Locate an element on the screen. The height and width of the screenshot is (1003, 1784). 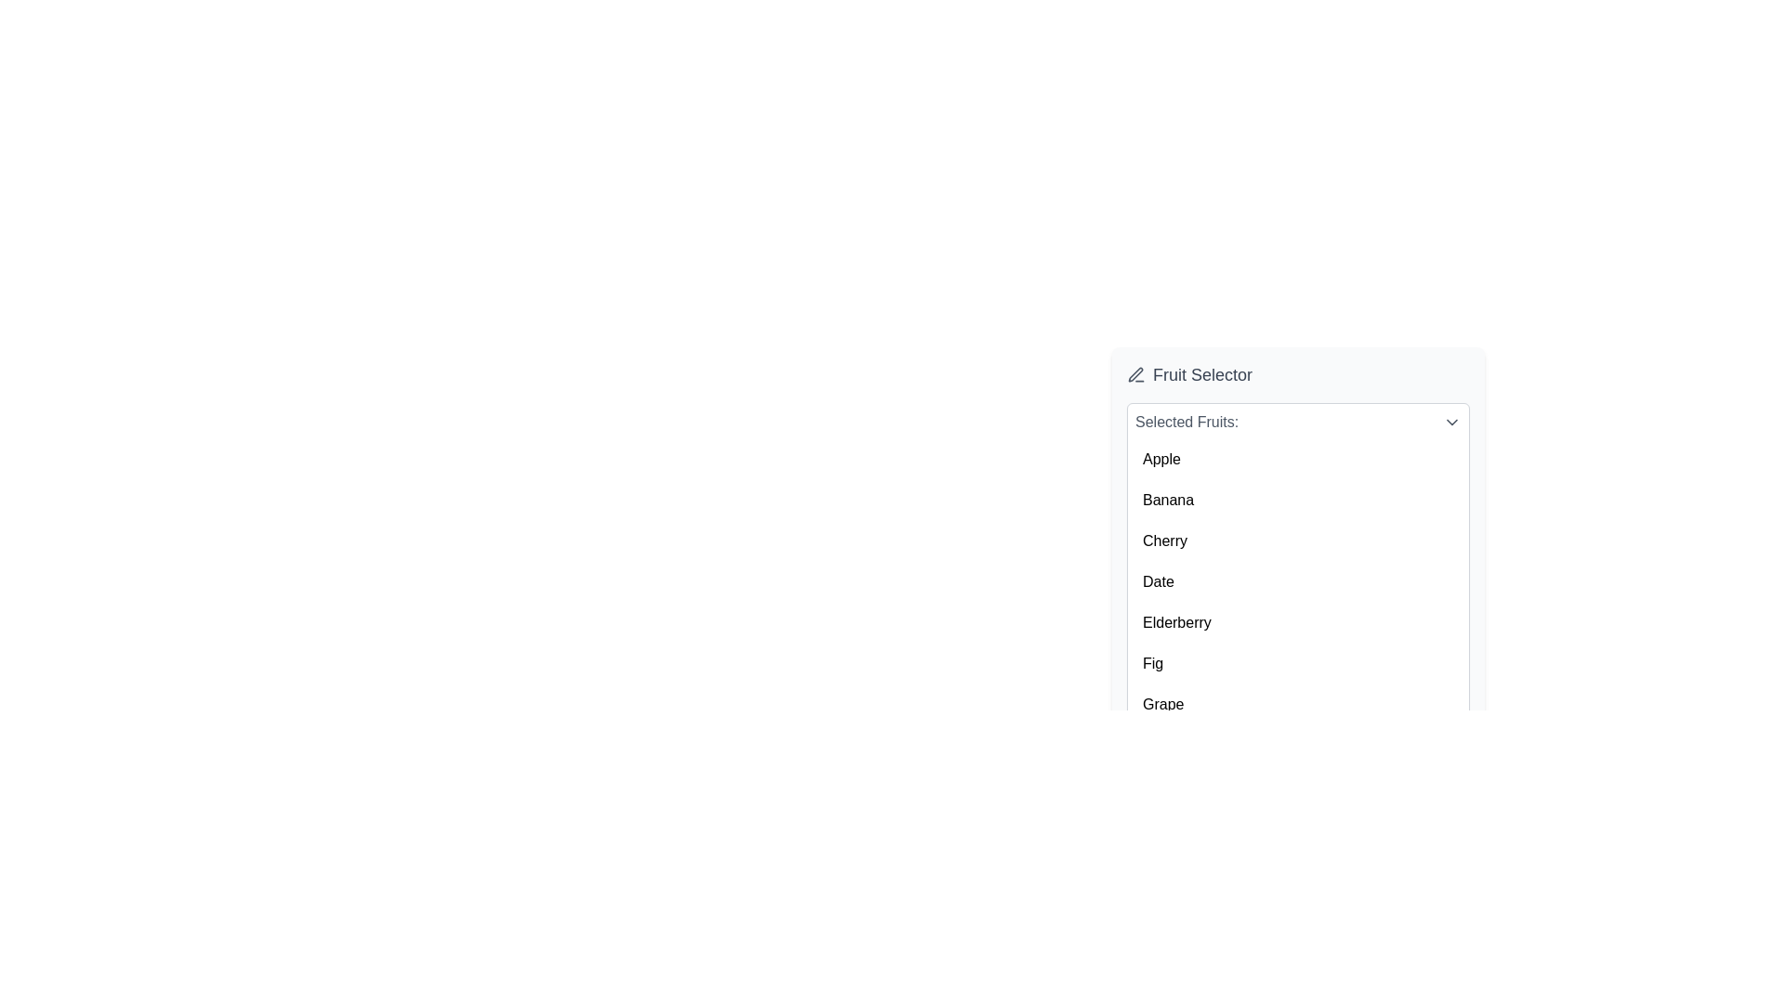
the list item labeled 'Fig' is located at coordinates (1297, 662).